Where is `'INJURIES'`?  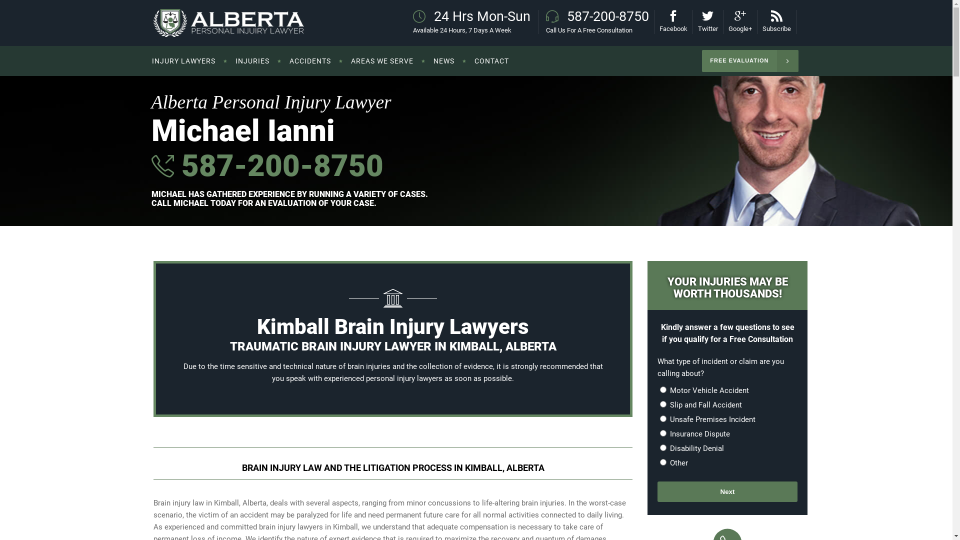
'INJURIES' is located at coordinates (224, 61).